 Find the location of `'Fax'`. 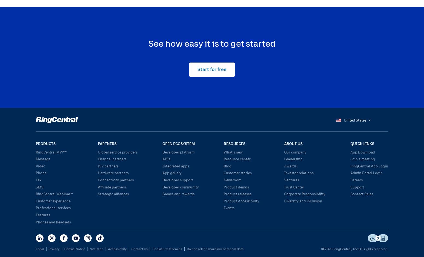

'Fax' is located at coordinates (39, 179).